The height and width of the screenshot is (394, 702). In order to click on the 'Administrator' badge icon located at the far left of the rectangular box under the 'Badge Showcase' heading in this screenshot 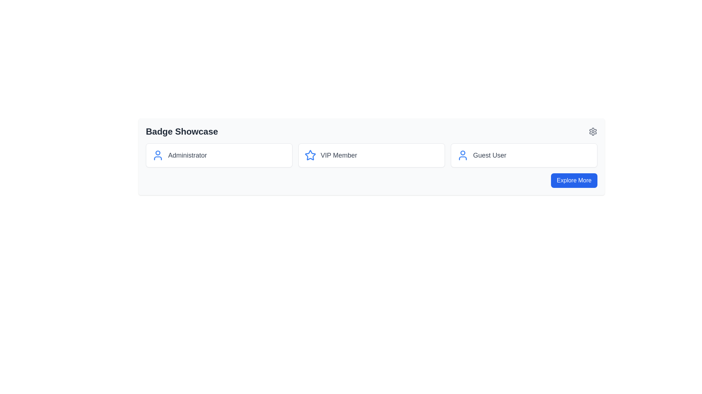, I will do `click(158, 155)`.